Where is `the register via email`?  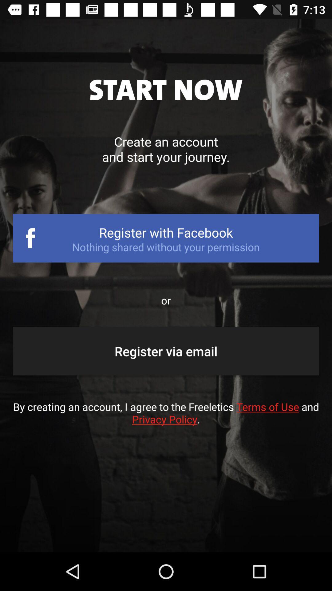
the register via email is located at coordinates (166, 351).